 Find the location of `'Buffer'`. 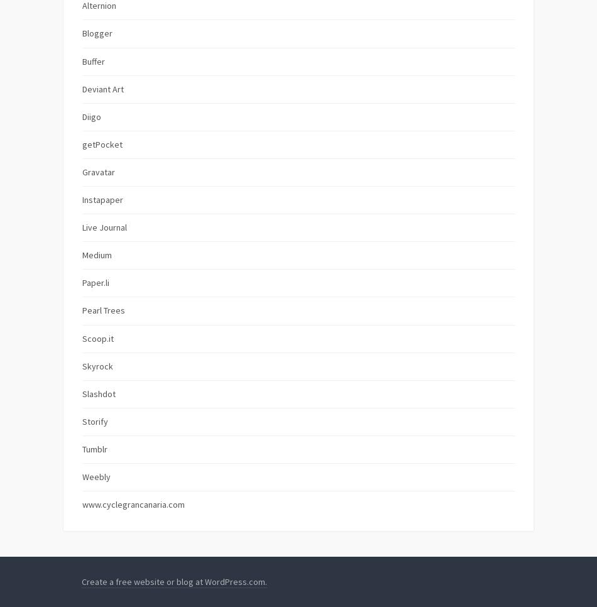

'Buffer' is located at coordinates (93, 60).